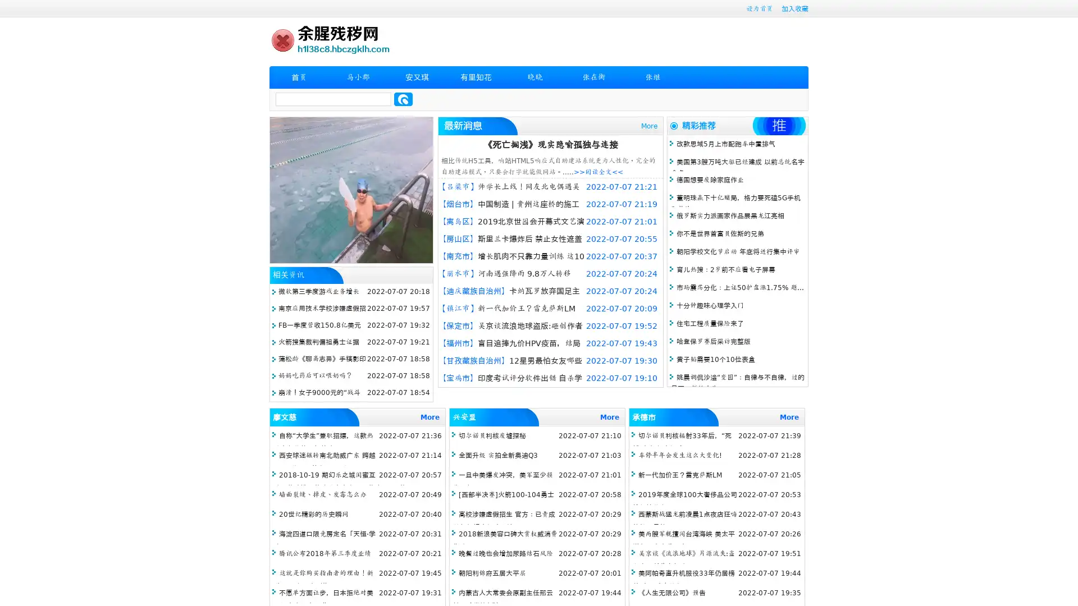  Describe the element at coordinates (403, 99) in the screenshot. I see `Search` at that location.